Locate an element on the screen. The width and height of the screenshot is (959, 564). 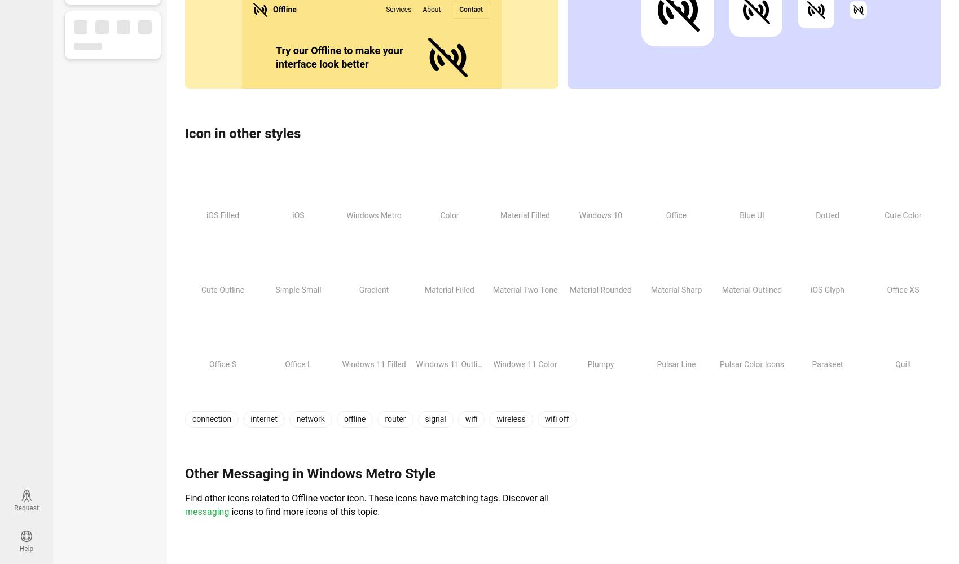
'signal' is located at coordinates (434, 418).